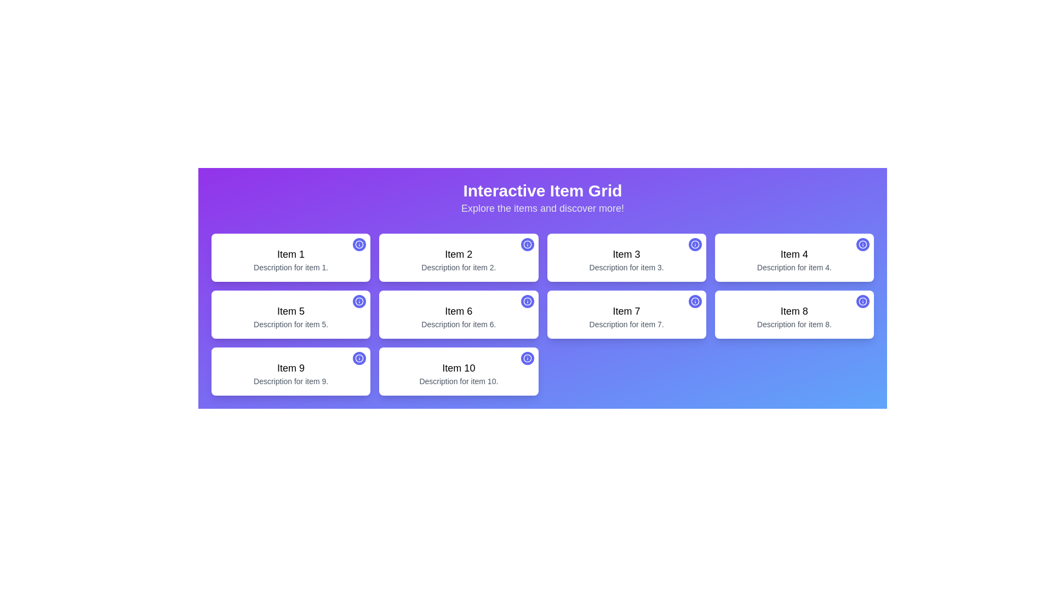  What do you see at coordinates (694, 244) in the screenshot?
I see `the circular icon with a blue border and transparent center, which is the third icon in the grid representing 'Item 3'` at bounding box center [694, 244].